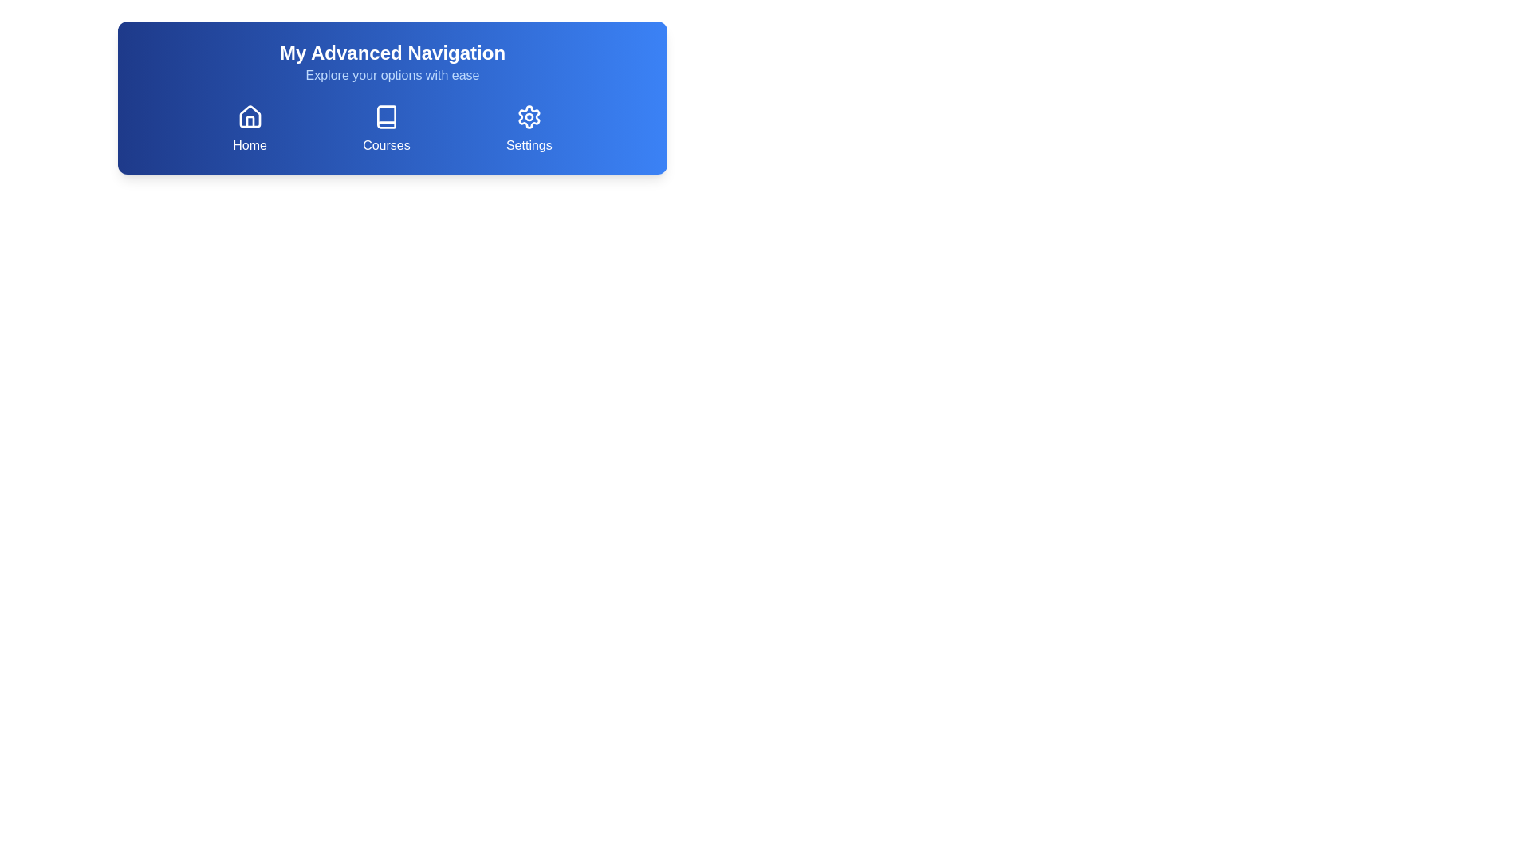 This screenshot has height=861, width=1531. Describe the element at coordinates (386, 116) in the screenshot. I see `the blue closed book icon located in the 'Courses' section of the navigation interface` at that location.